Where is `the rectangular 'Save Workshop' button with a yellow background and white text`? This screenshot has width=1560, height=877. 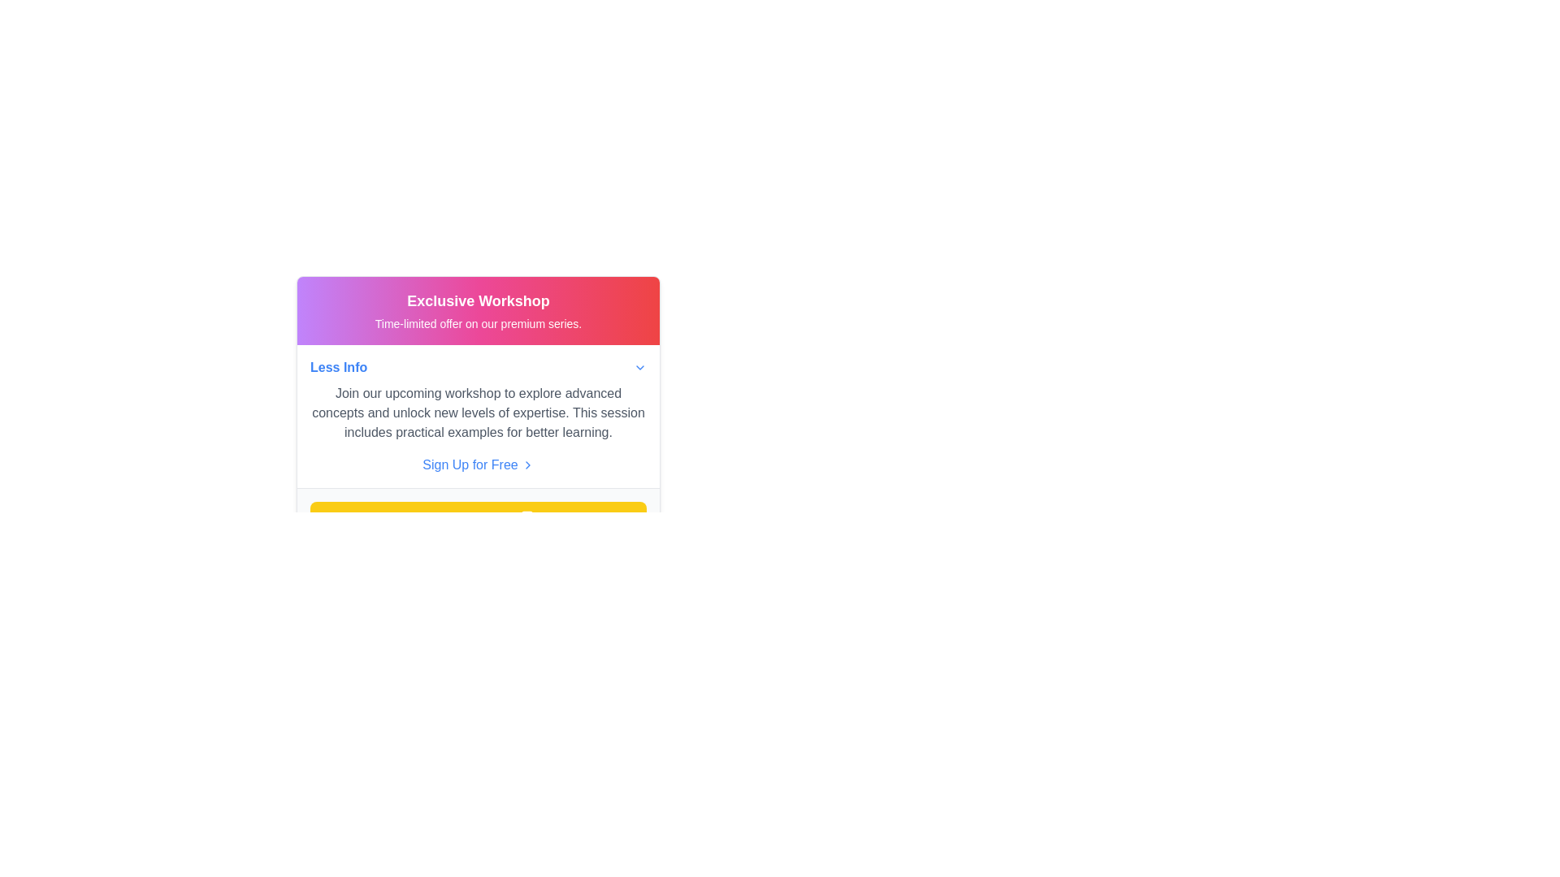
the rectangular 'Save Workshop' button with a yellow background and white text is located at coordinates (478, 517).